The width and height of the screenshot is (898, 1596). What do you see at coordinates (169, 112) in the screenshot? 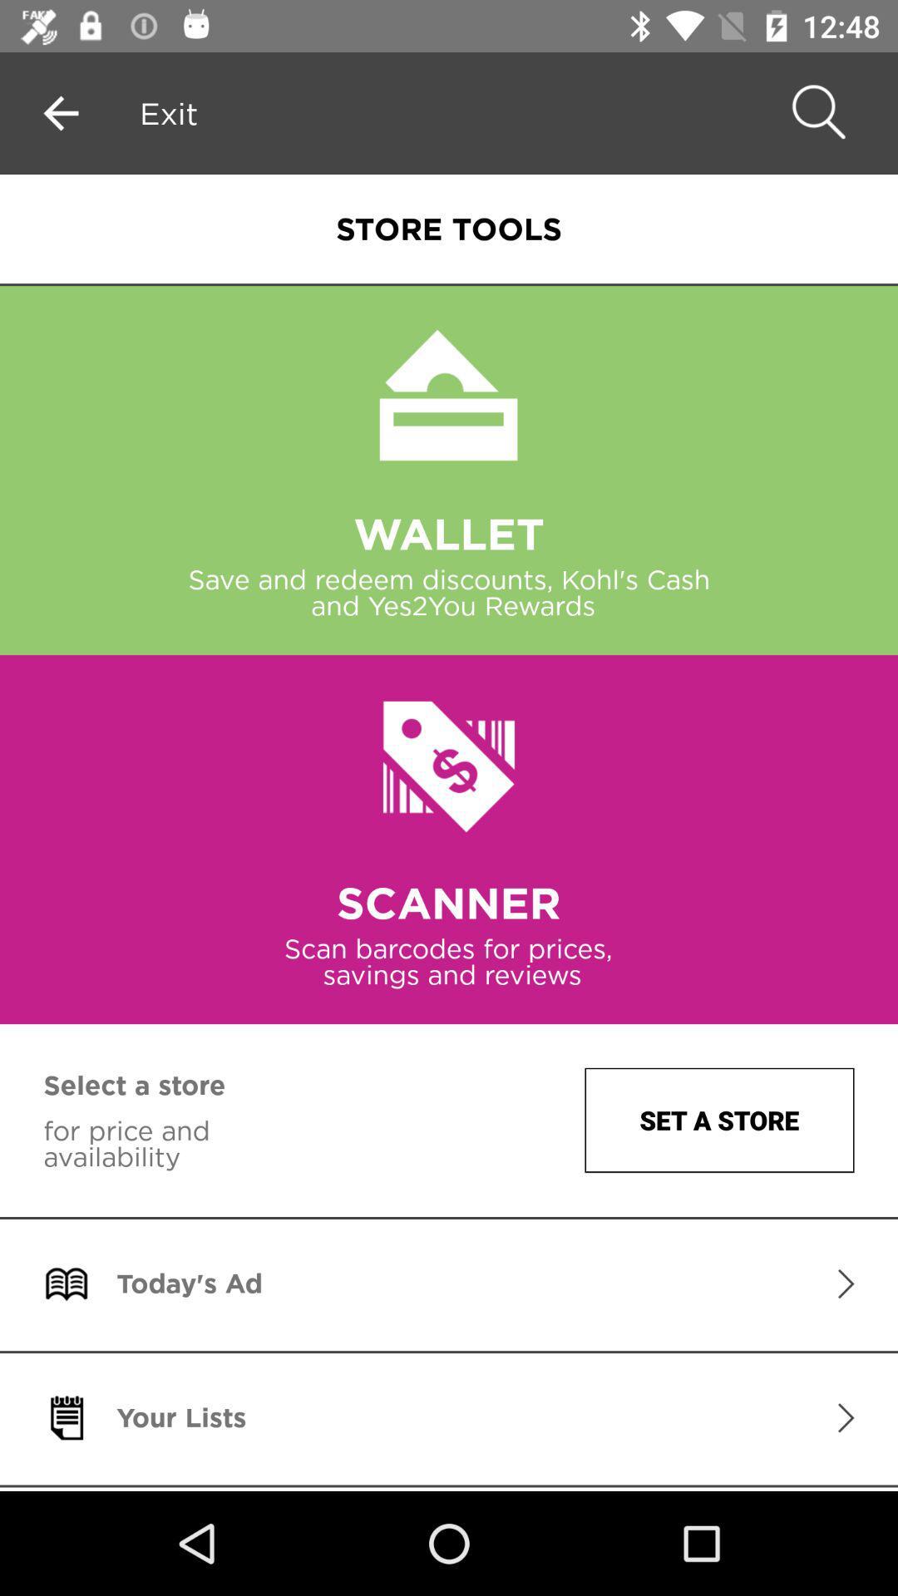
I see `exit icon` at bounding box center [169, 112].